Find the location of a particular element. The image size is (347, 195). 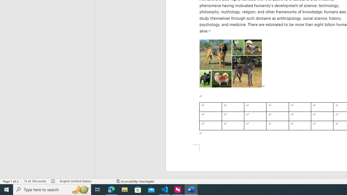

'Language English (United States)' is located at coordinates (85, 181).